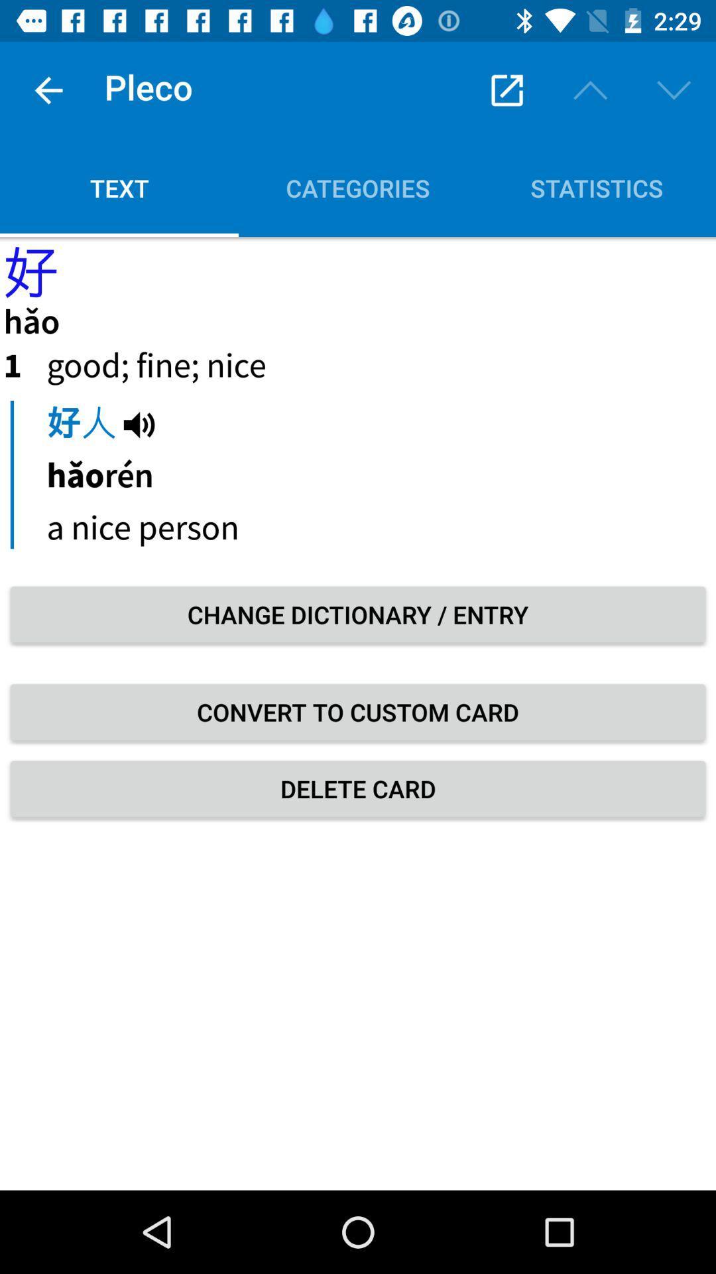 The width and height of the screenshot is (716, 1274). Describe the element at coordinates (358, 711) in the screenshot. I see `the convert to custom item` at that location.